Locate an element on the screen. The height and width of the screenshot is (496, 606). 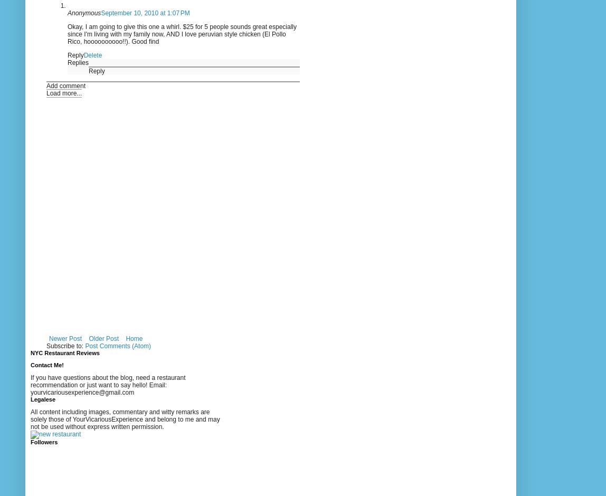
'Contact Me!' is located at coordinates (30, 364).